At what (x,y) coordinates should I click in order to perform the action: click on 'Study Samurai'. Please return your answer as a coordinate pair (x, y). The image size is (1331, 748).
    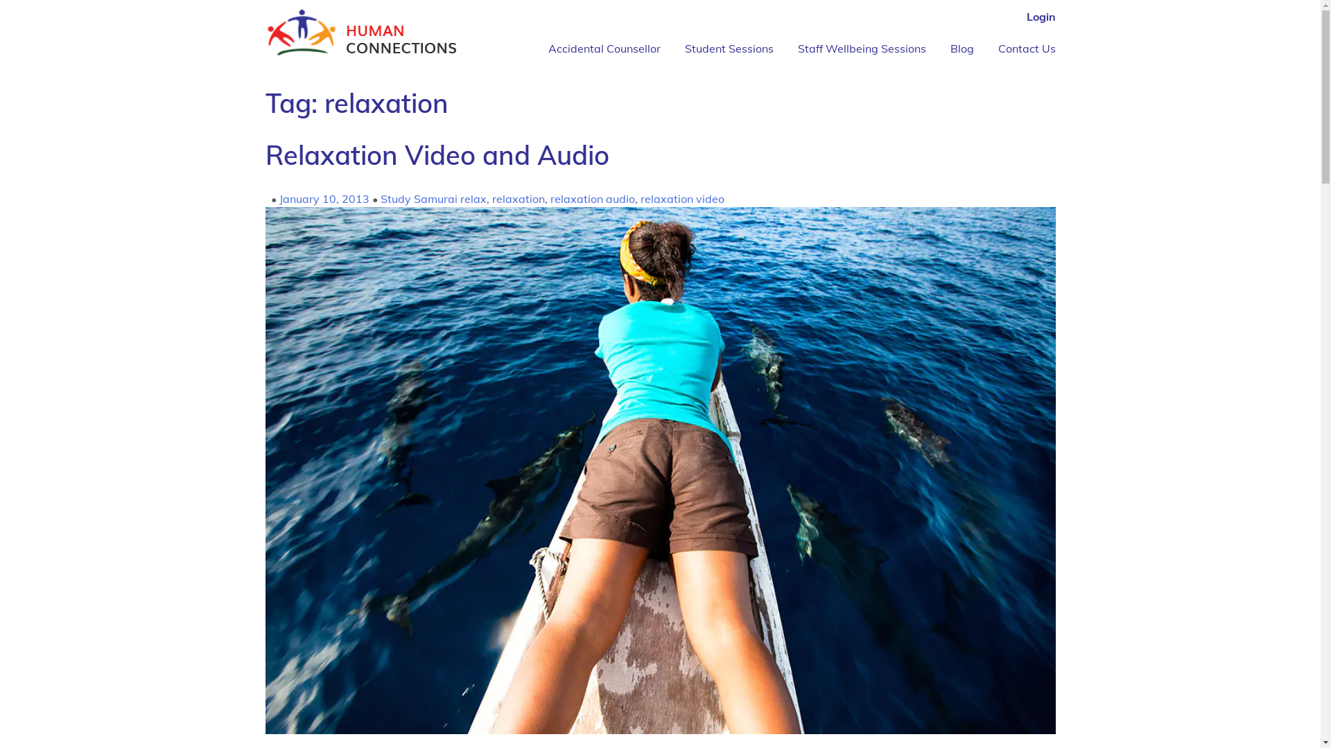
    Looking at the image, I should click on (417, 198).